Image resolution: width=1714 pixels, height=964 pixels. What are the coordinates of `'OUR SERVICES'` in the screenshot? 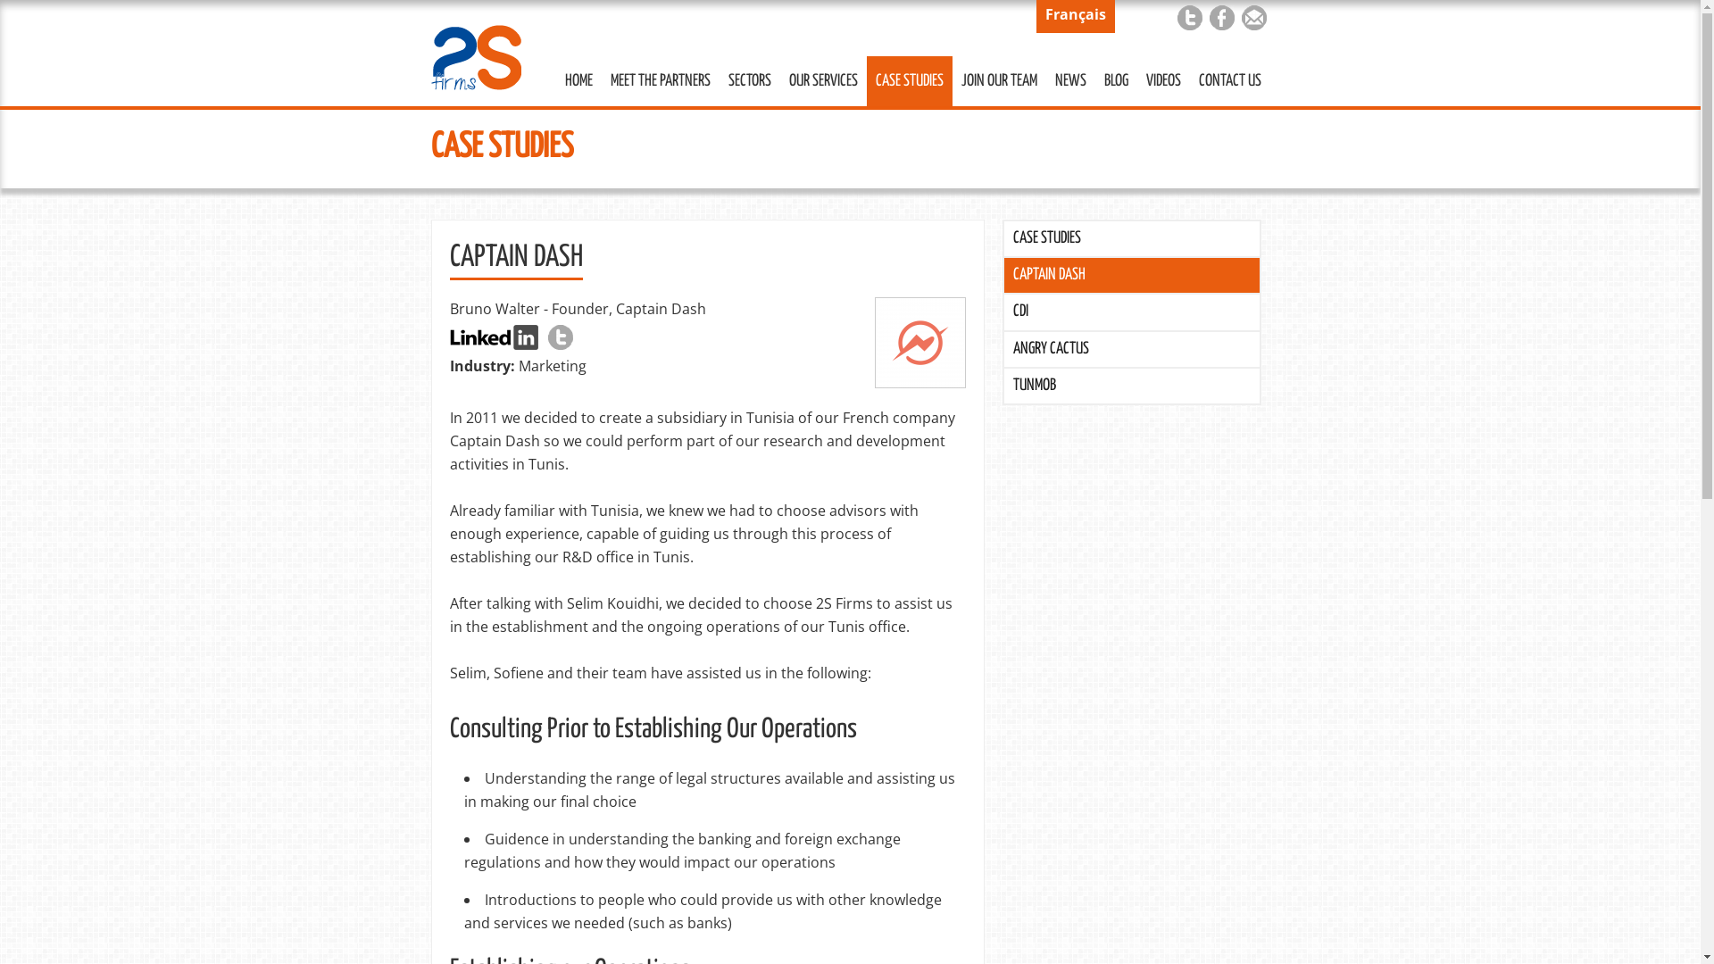 It's located at (779, 81).